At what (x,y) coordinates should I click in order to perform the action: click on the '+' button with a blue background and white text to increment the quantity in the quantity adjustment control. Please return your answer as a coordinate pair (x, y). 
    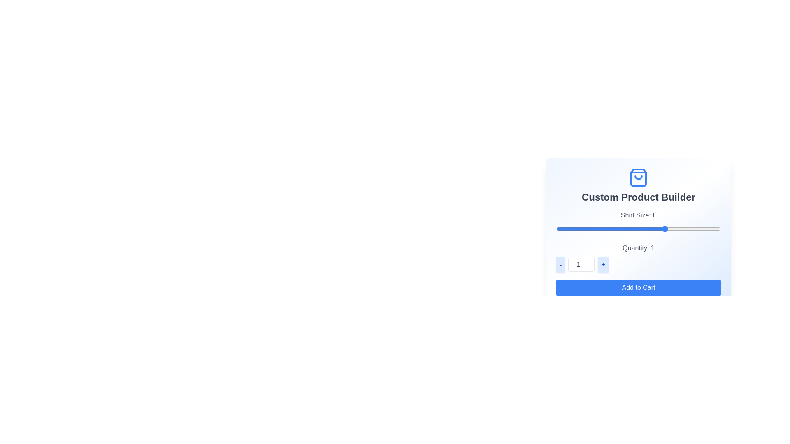
    Looking at the image, I should click on (603, 265).